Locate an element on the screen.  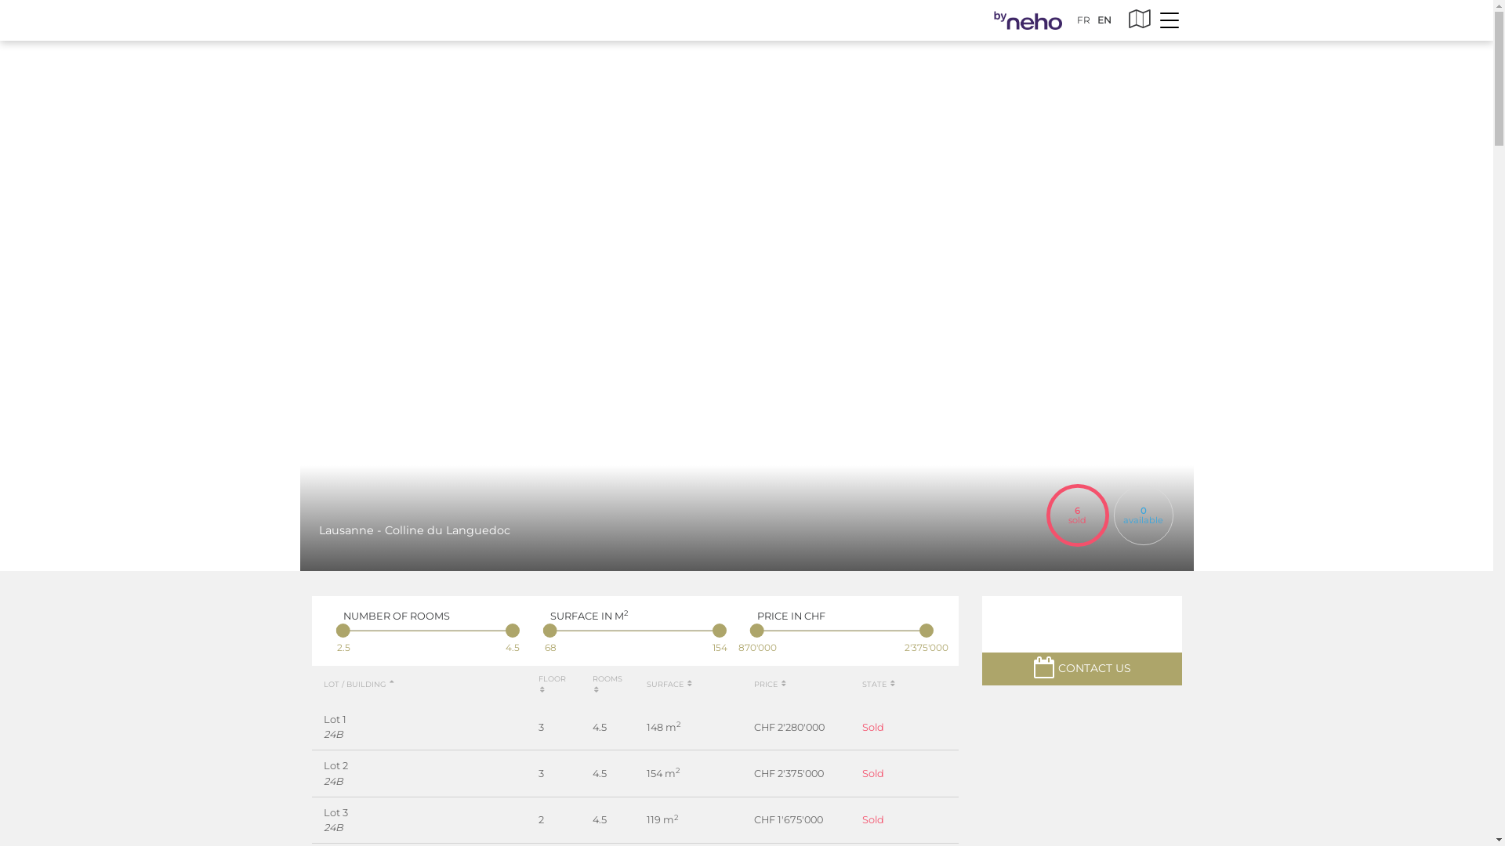
'PRICE' is located at coordinates (771, 683).